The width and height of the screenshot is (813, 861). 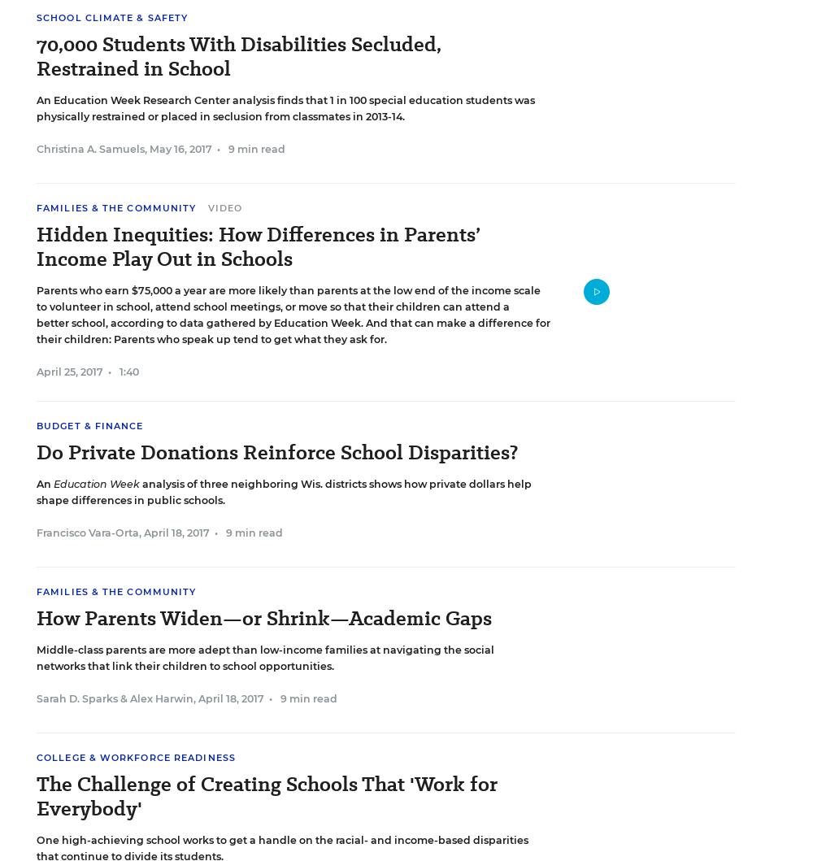 What do you see at coordinates (37, 533) in the screenshot?
I see `'Francisco Vara-Orta'` at bounding box center [37, 533].